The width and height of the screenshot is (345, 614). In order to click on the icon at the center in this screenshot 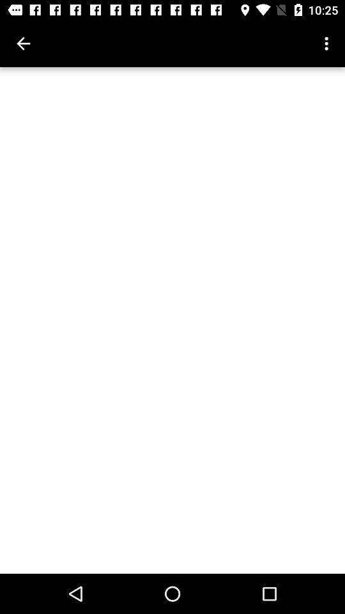, I will do `click(172, 320)`.